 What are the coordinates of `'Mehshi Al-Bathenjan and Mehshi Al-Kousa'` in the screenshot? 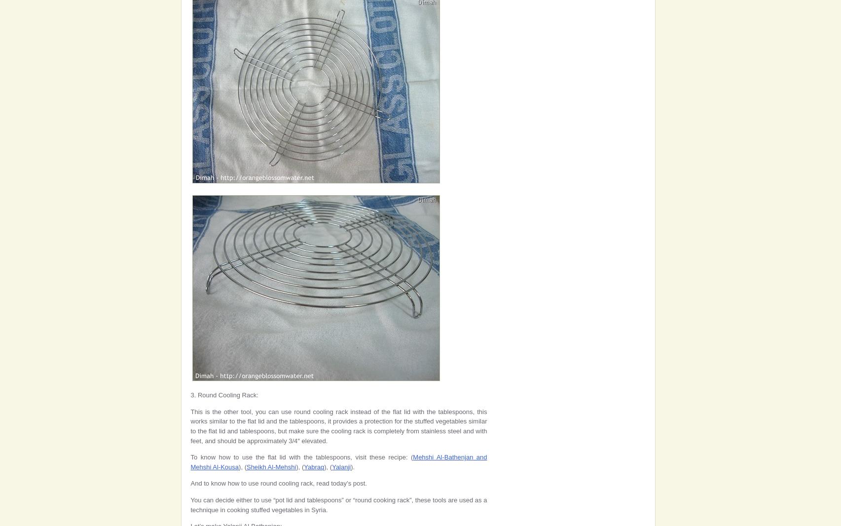 It's located at (338, 462).